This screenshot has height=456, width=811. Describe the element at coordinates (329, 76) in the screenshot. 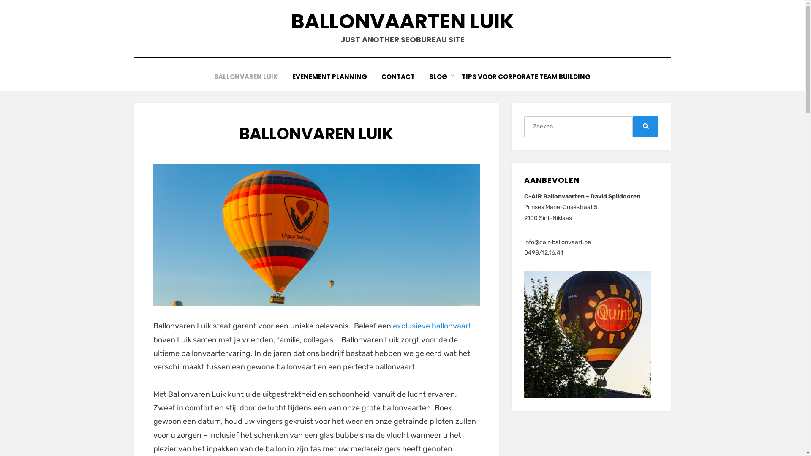

I see `'EVENEMENT PLANNING'` at that location.